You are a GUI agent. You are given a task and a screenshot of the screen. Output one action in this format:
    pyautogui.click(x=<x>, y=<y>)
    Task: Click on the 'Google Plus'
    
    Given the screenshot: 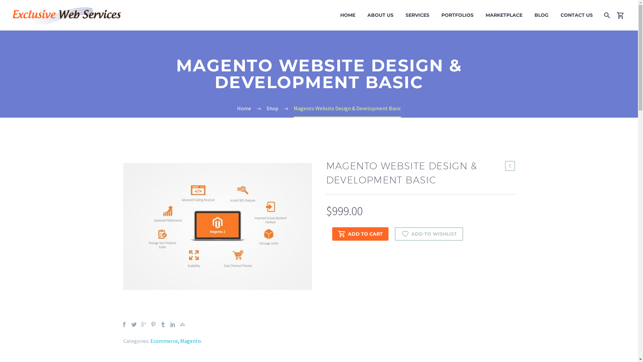 What is the action you would take?
    pyautogui.click(x=143, y=324)
    